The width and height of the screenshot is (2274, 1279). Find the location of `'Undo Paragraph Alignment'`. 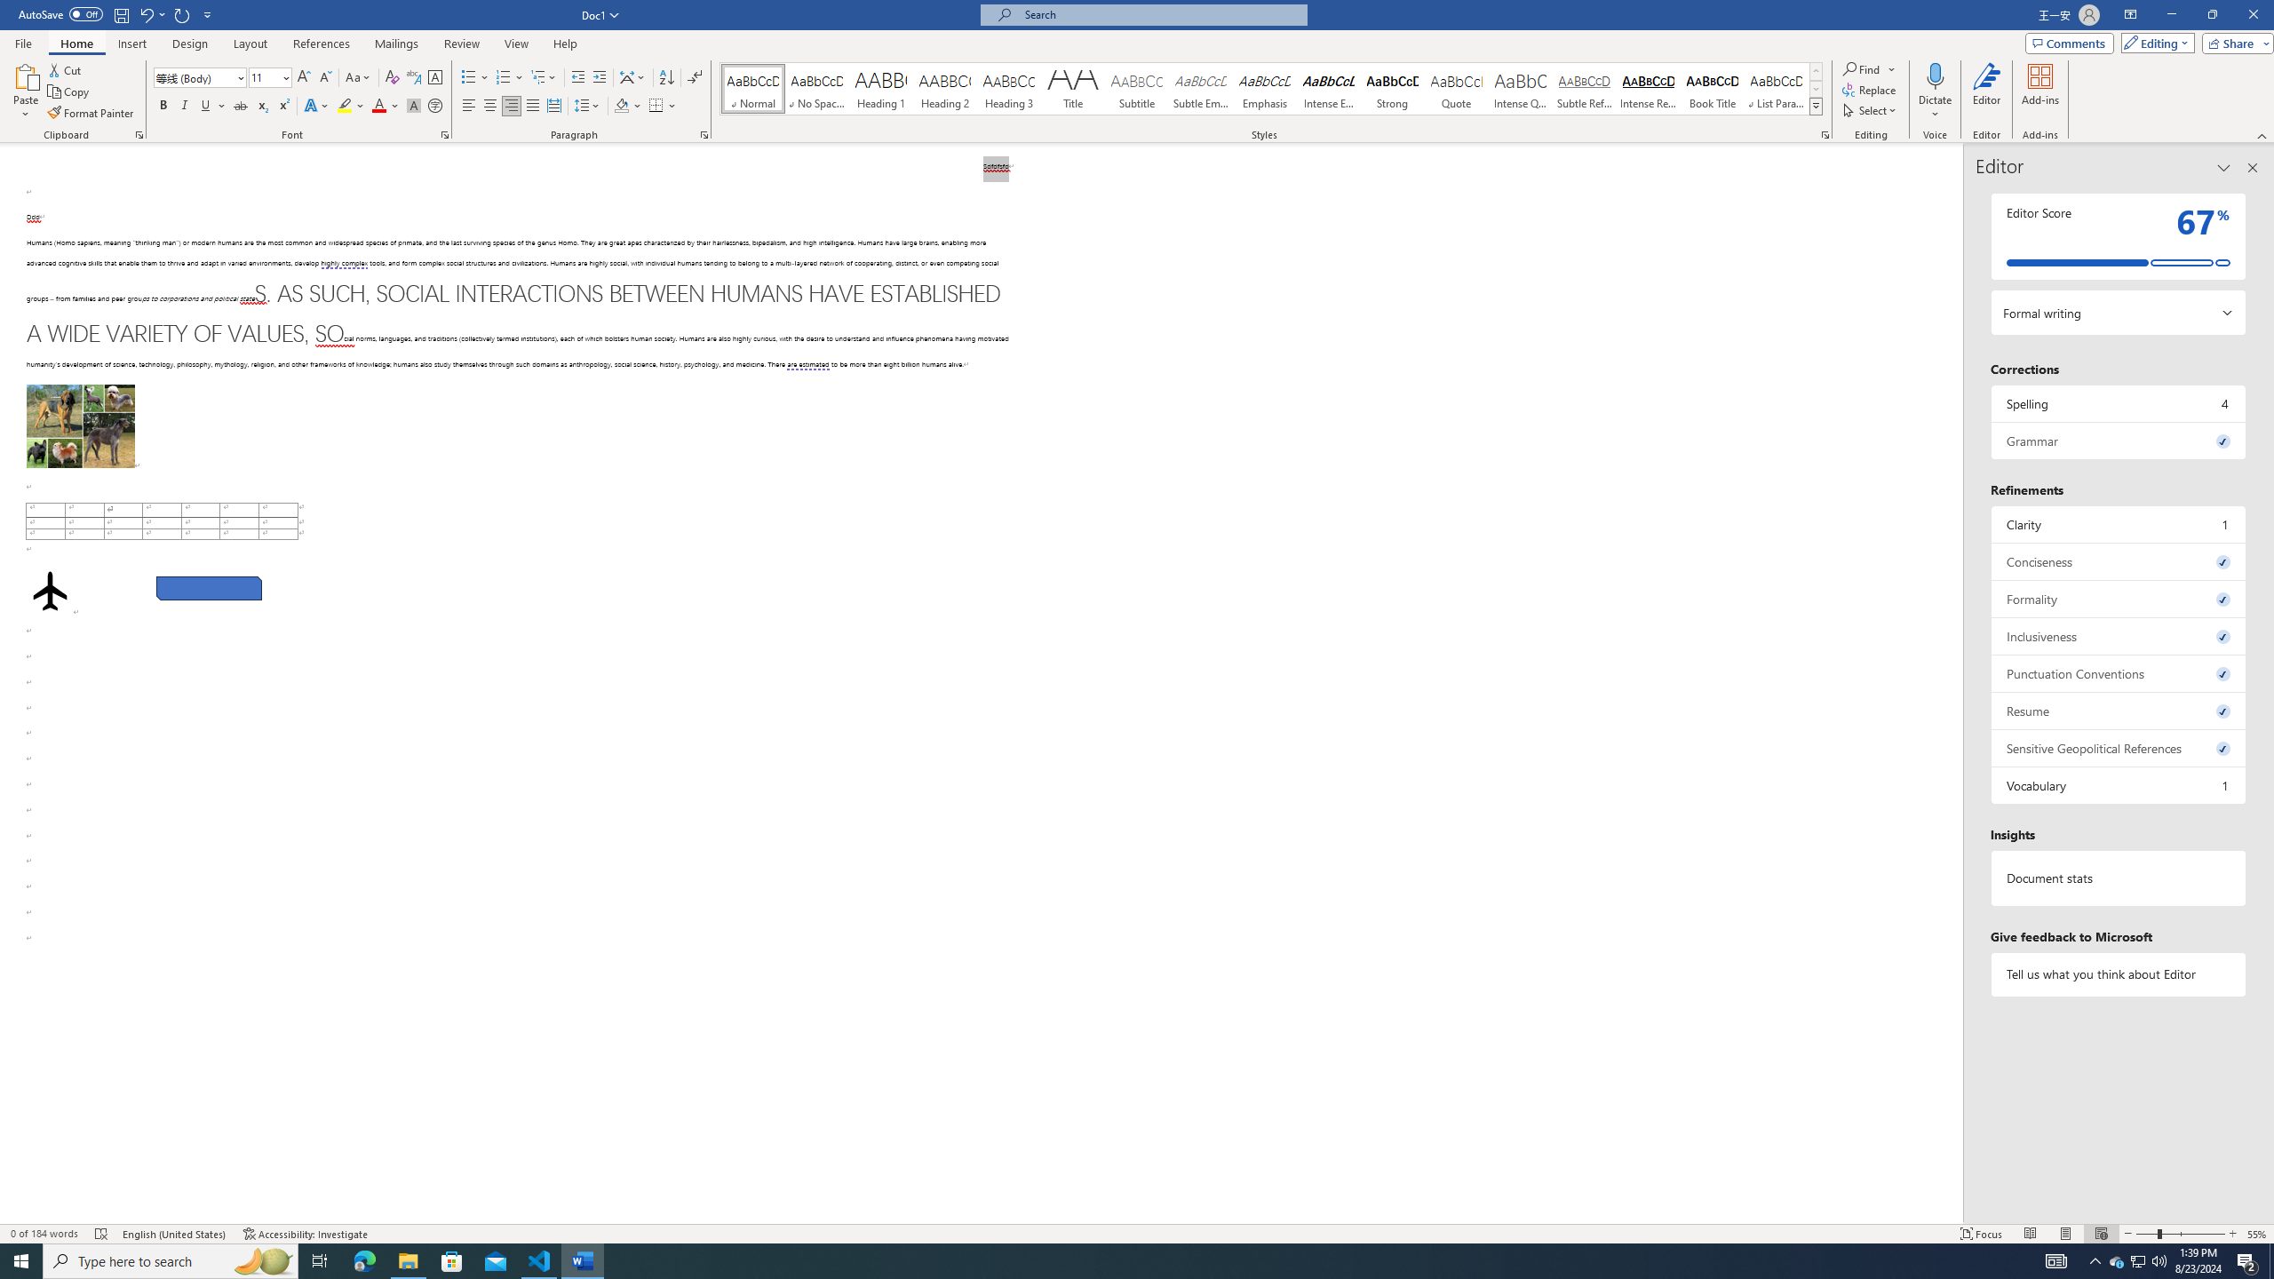

'Undo Paragraph Alignment' is located at coordinates (145, 13).